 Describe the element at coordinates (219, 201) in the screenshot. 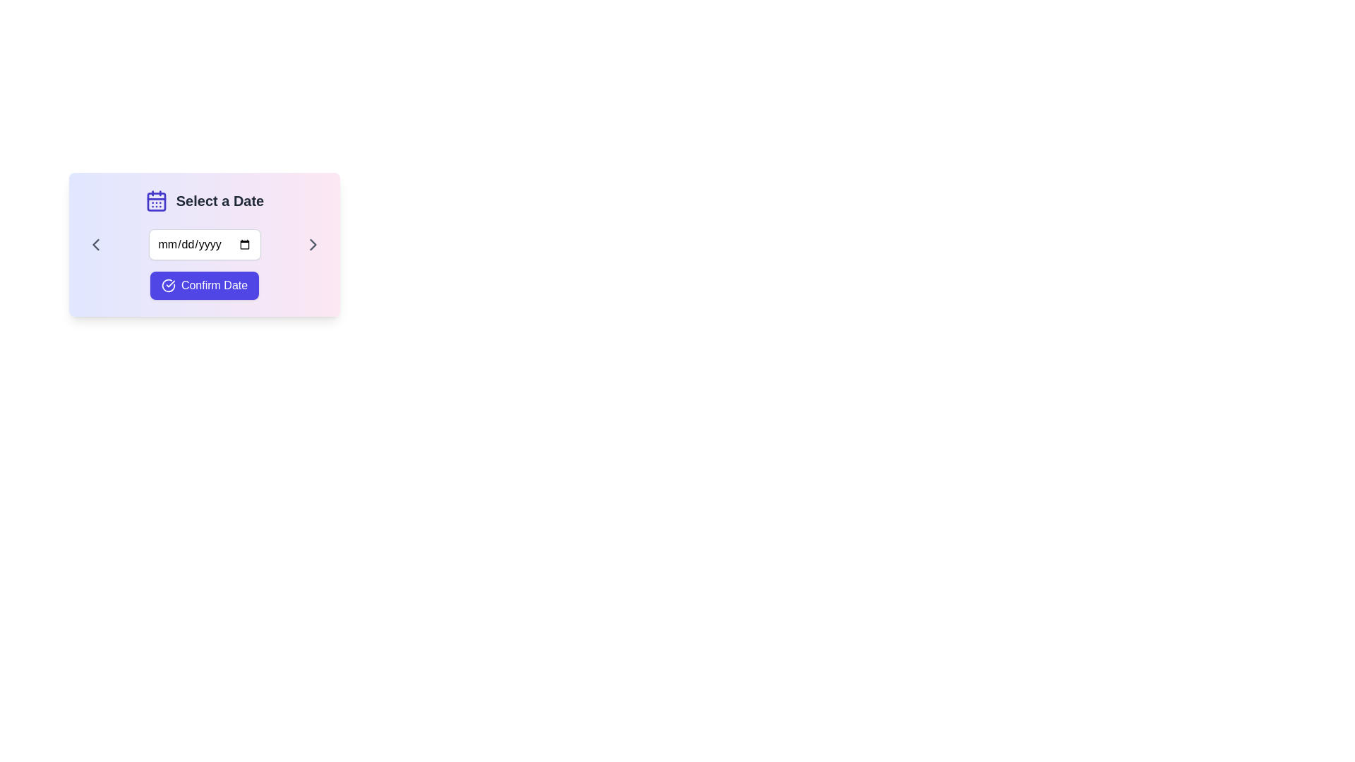

I see `the 'Select a Date' text label, which is bold and large, positioned to the right of the calendar icon in the date selection interface` at that location.